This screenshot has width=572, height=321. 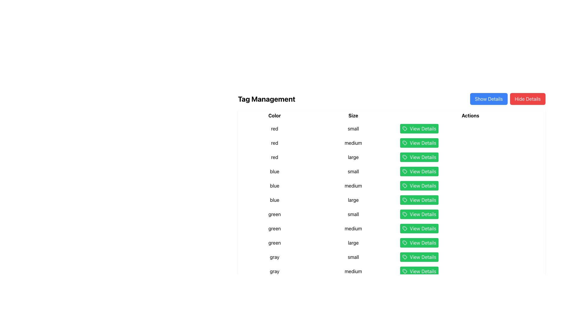 I want to click on the first table row displaying 'green', 'small', and a green button labeled 'View Details', so click(x=392, y=214).